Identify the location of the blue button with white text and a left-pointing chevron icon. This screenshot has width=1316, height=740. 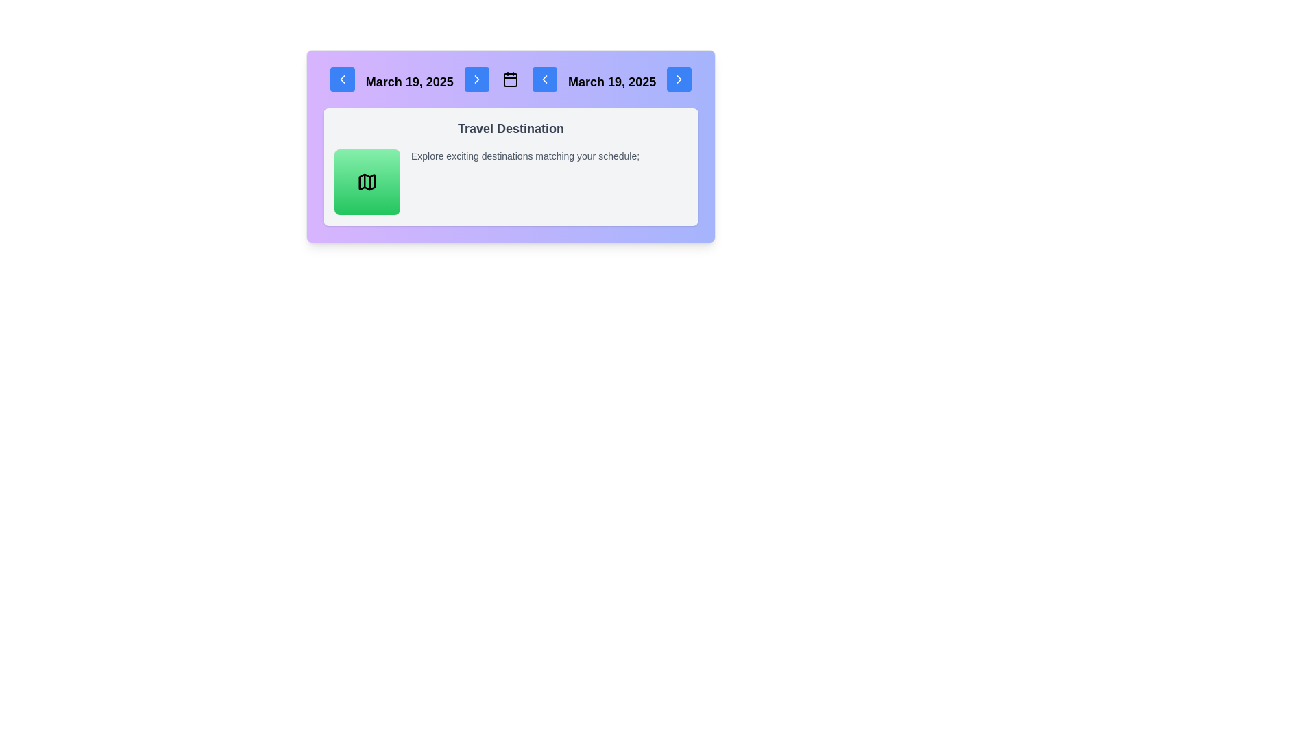
(342, 79).